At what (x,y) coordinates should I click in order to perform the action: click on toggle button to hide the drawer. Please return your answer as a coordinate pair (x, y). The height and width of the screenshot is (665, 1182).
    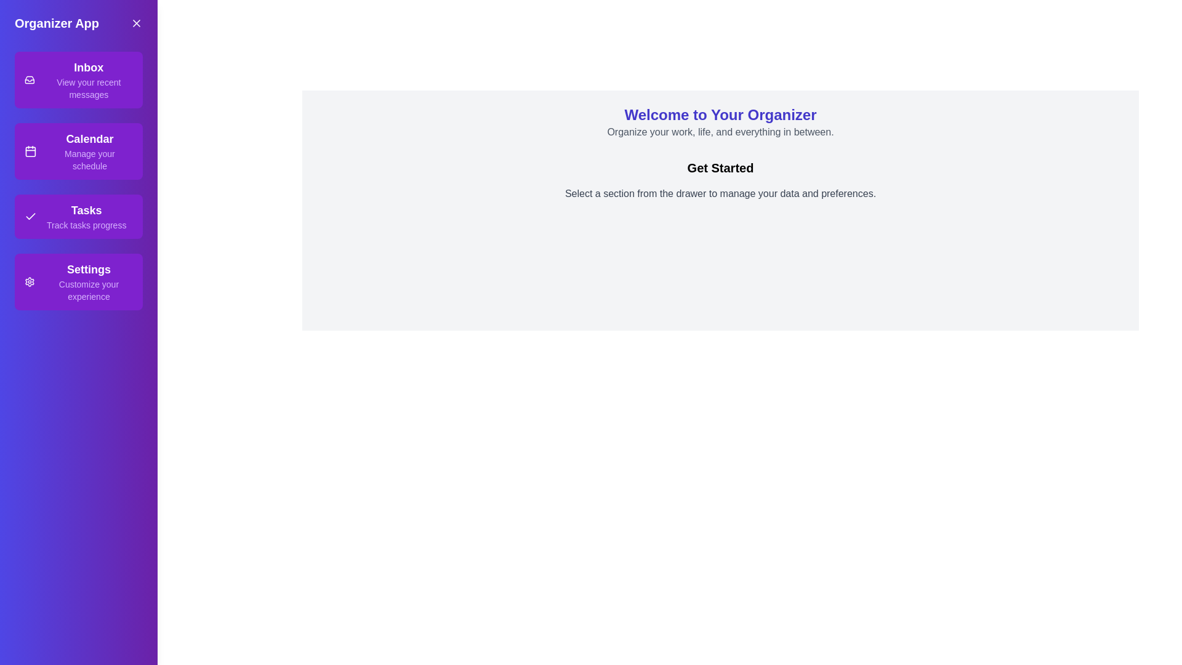
    Looking at the image, I should click on (136, 23).